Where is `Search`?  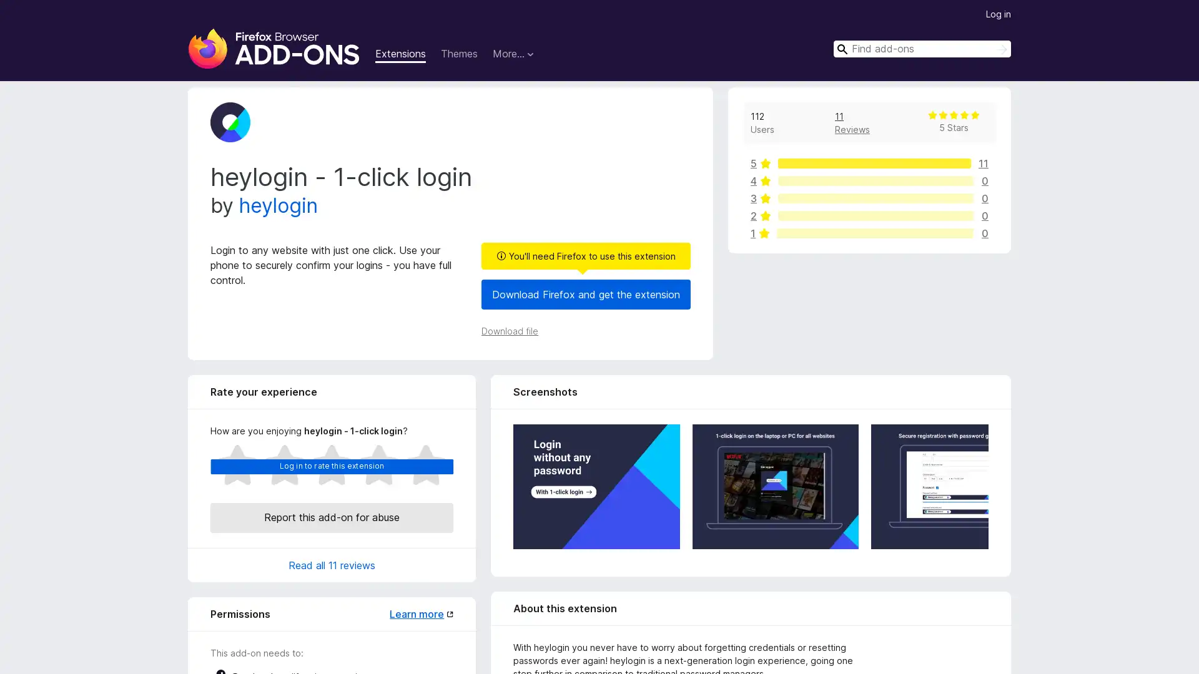 Search is located at coordinates (1002, 49).